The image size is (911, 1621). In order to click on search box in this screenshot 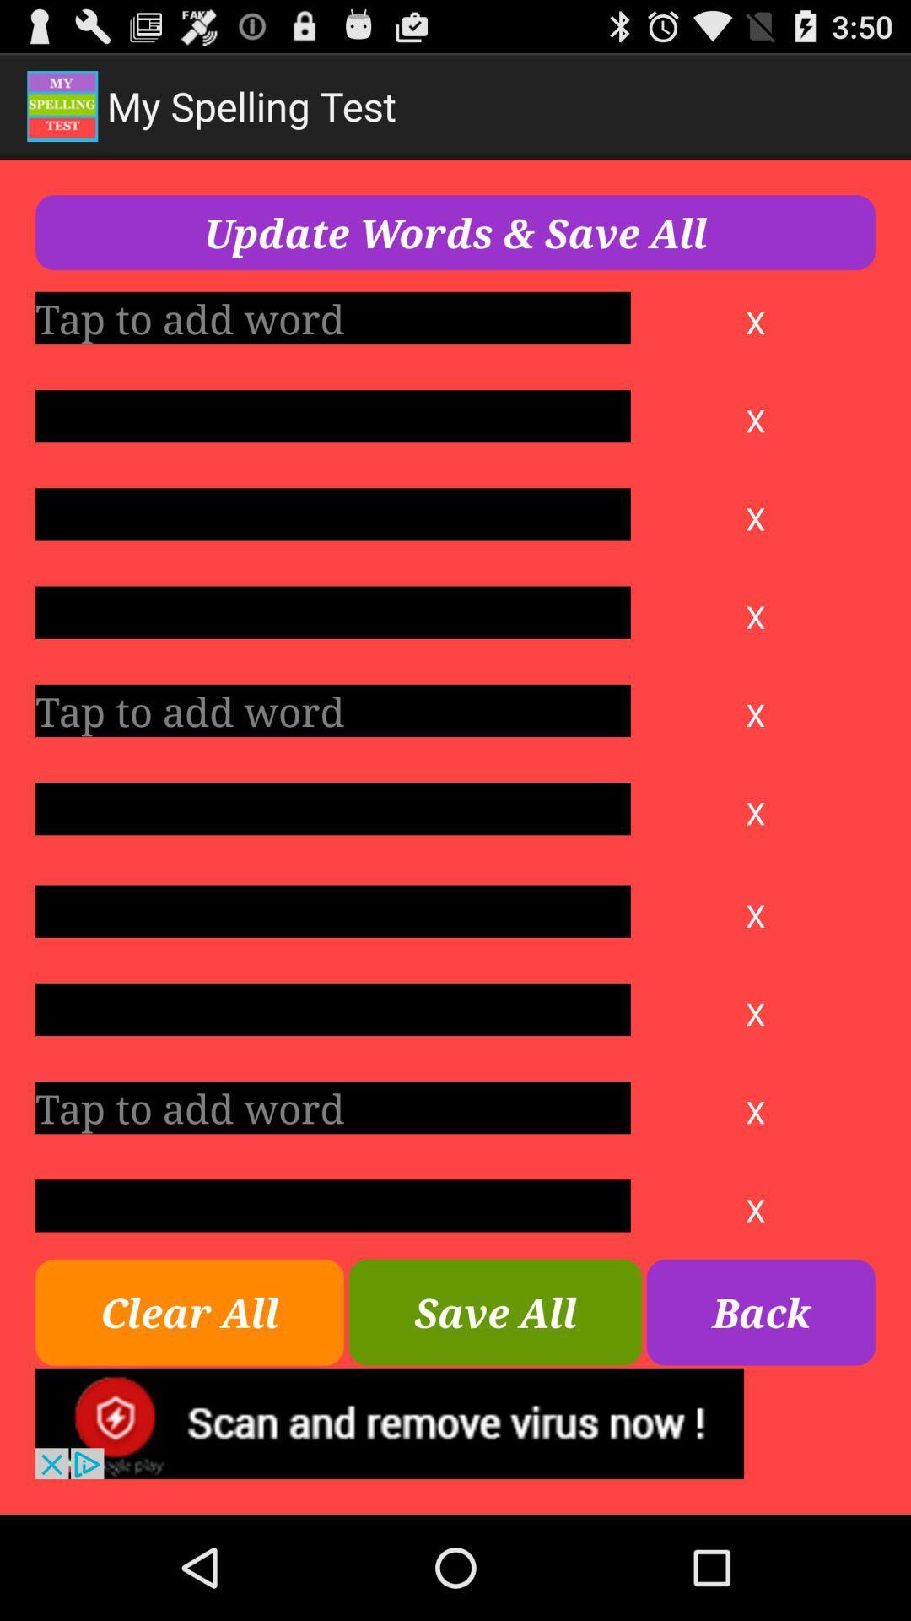, I will do `click(332, 611)`.